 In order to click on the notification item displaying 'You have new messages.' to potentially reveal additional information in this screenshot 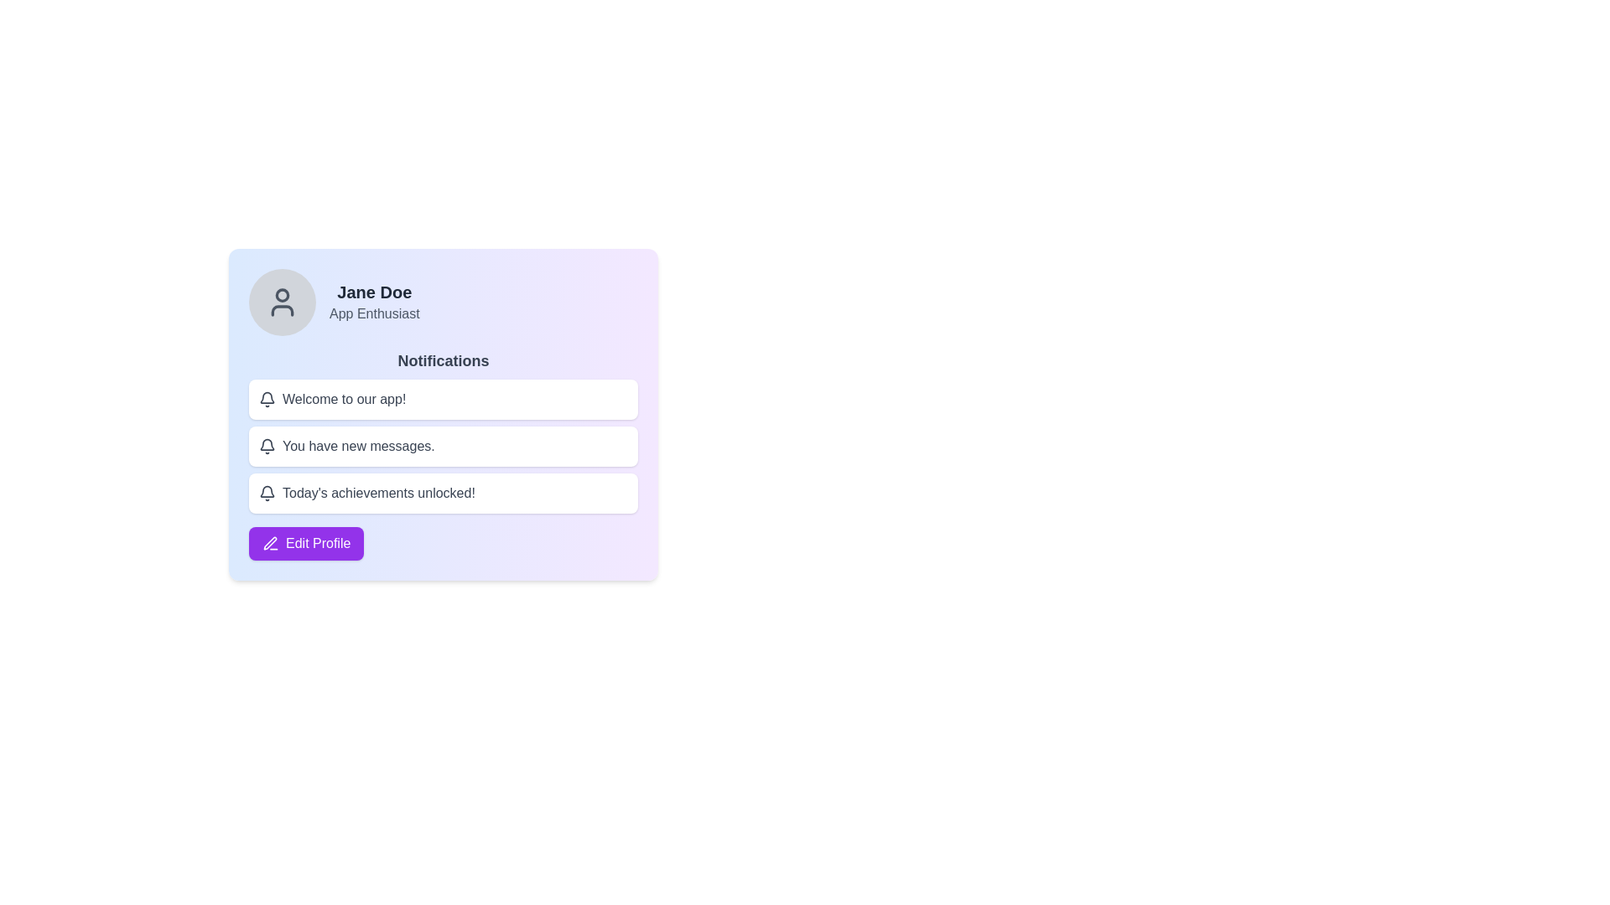, I will do `click(443, 445)`.